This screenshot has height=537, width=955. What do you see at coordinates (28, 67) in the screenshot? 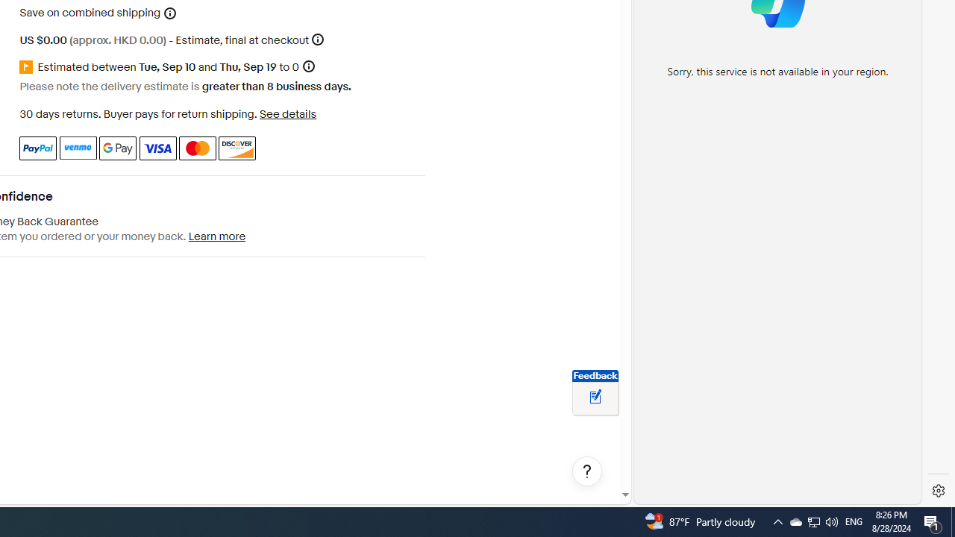
I see `'Delivery alert flag'` at bounding box center [28, 67].